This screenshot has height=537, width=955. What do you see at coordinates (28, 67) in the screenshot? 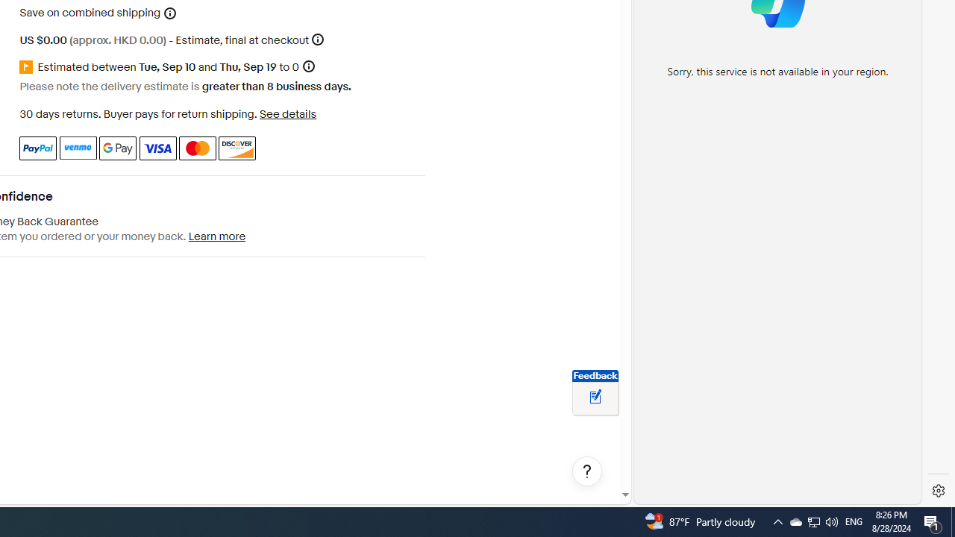
I see `'Delivery alert flag'` at bounding box center [28, 67].